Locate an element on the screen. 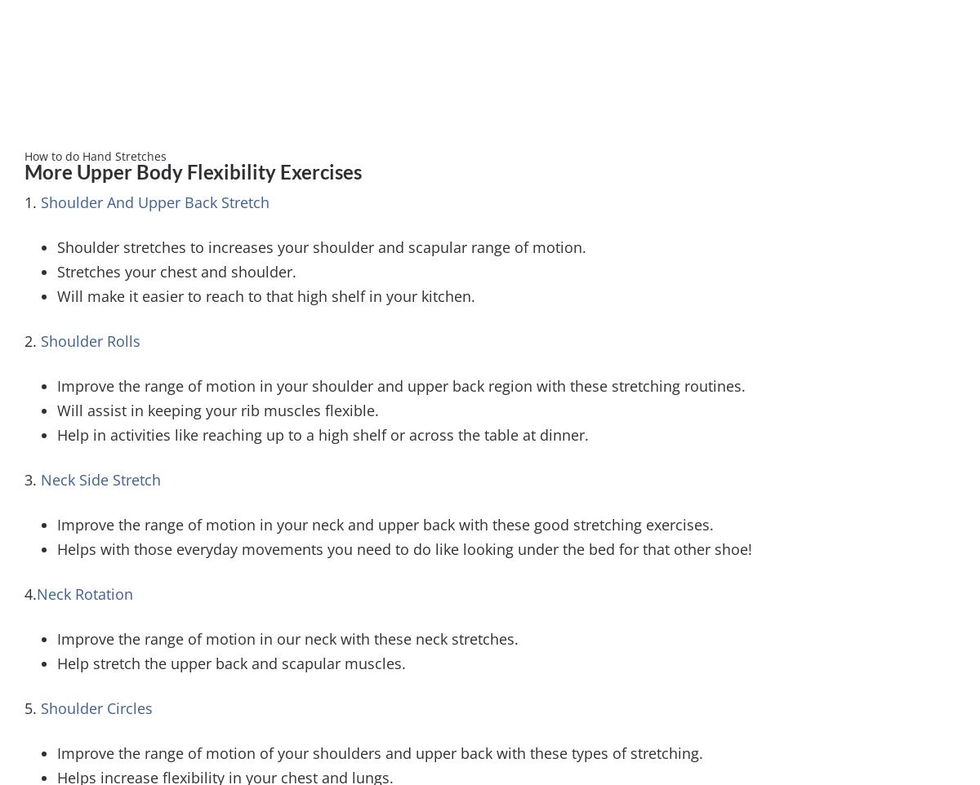 The height and width of the screenshot is (785, 980). 'Improve the range of motion in your shoulder and upper back region with these stretching routines.' is located at coordinates (400, 384).